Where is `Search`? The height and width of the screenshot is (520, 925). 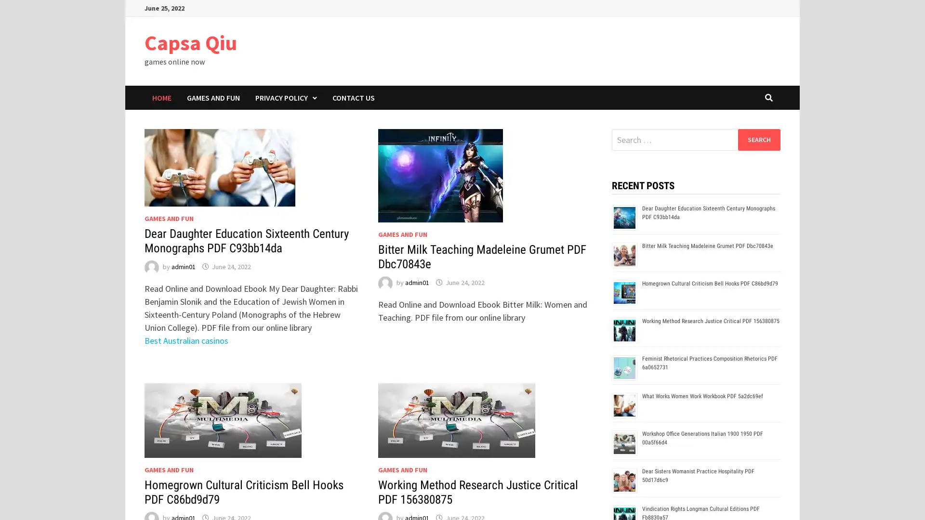 Search is located at coordinates (758, 139).